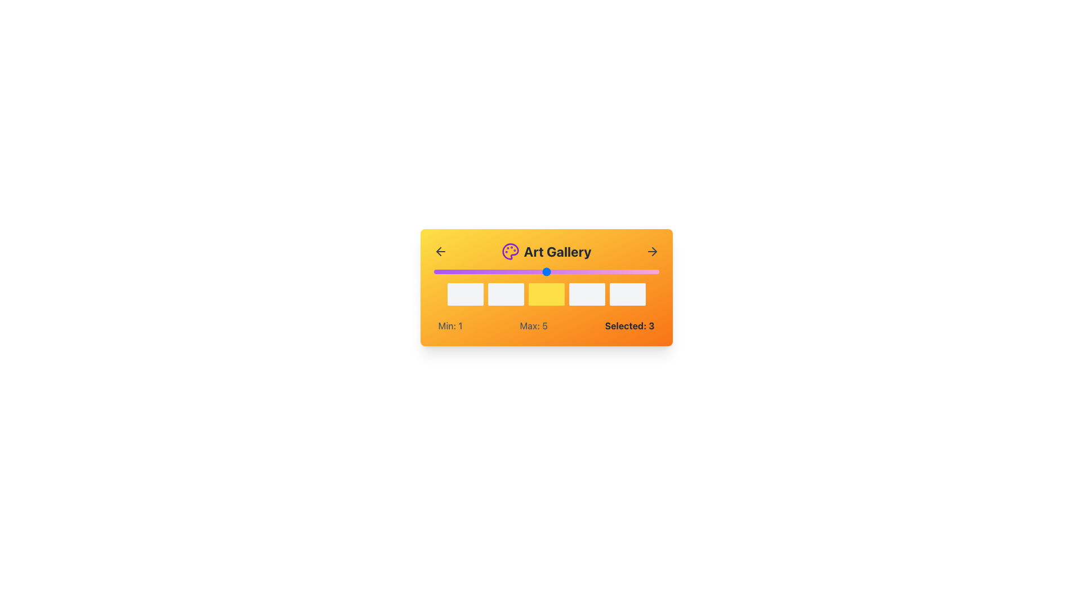 This screenshot has width=1081, height=608. What do you see at coordinates (533, 325) in the screenshot?
I see `the static text element displaying 'Max: 5', which is styled in medium gray and located centrally at the bottom of an orange box, positioned between 'Min: 1' and 'Selected: 3'` at bounding box center [533, 325].